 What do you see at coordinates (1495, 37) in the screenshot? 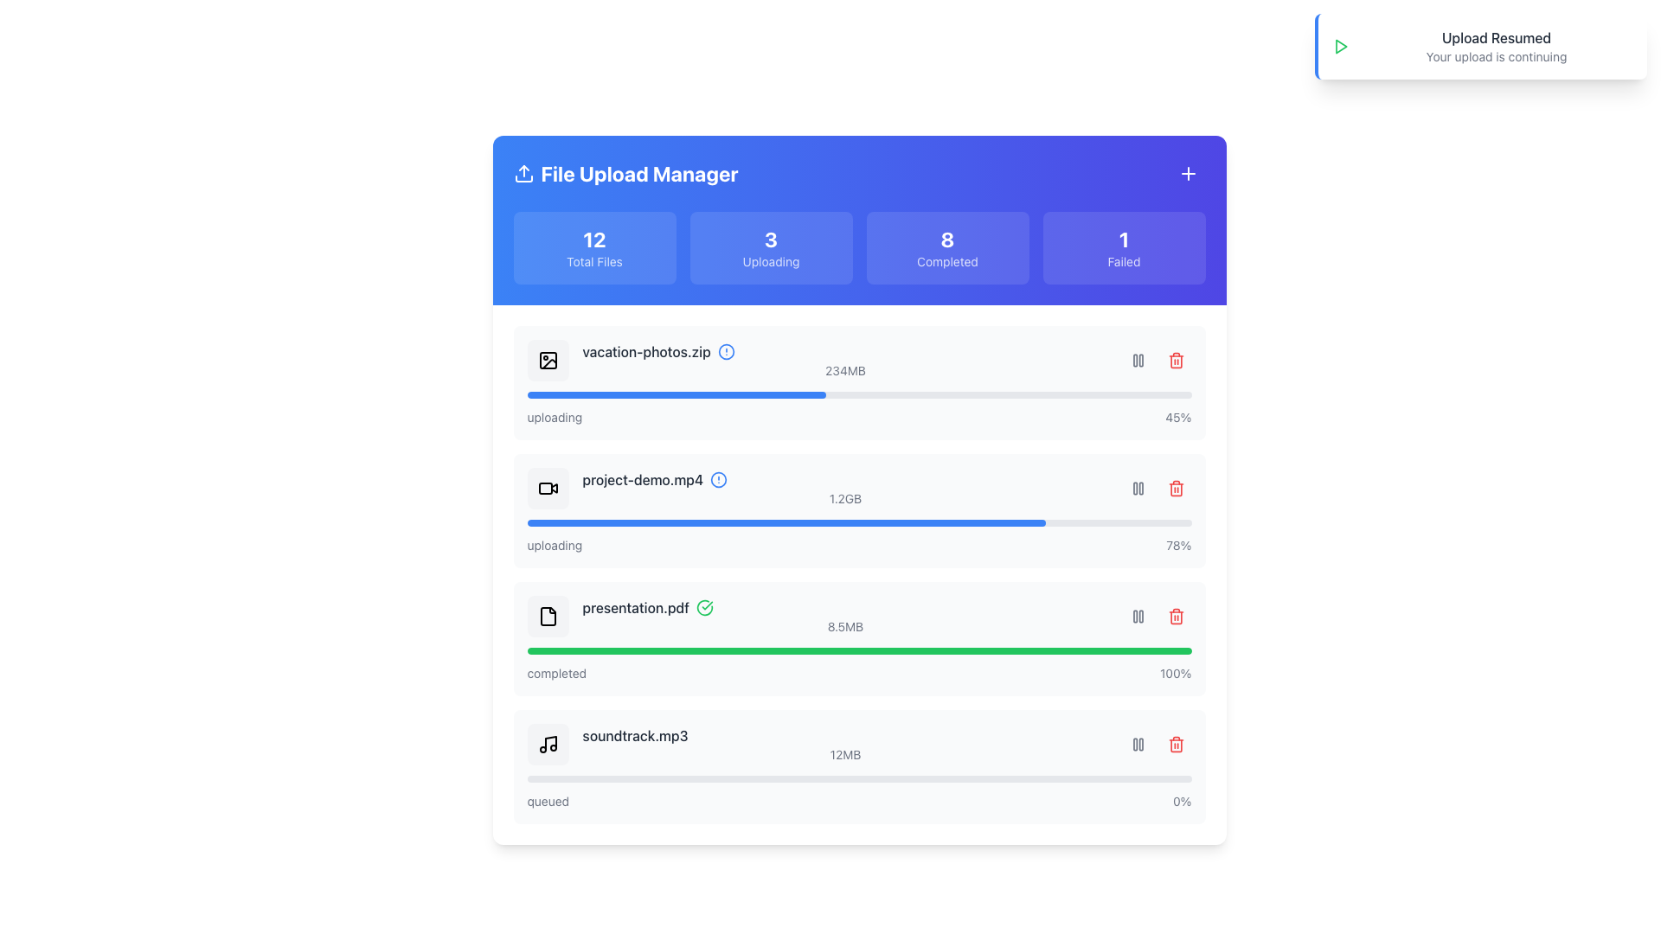
I see `text label that indicates the upload process has resumed, located at the top-right corner of the interface within the notification box` at bounding box center [1495, 37].